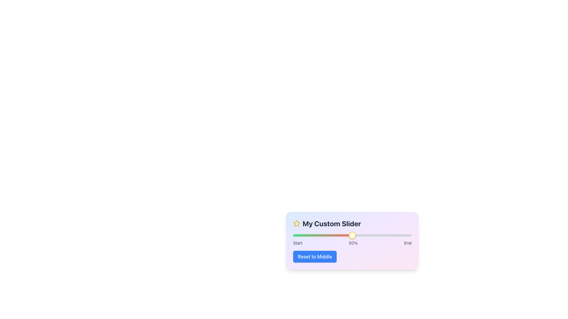 This screenshot has width=568, height=319. I want to click on the slider, so click(349, 235).